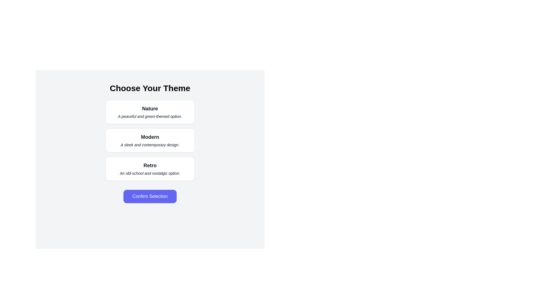  Describe the element at coordinates (150, 168) in the screenshot. I see `the Selectable Card labeled 'Retro' which is the third option in a vertical list of three cards` at that location.